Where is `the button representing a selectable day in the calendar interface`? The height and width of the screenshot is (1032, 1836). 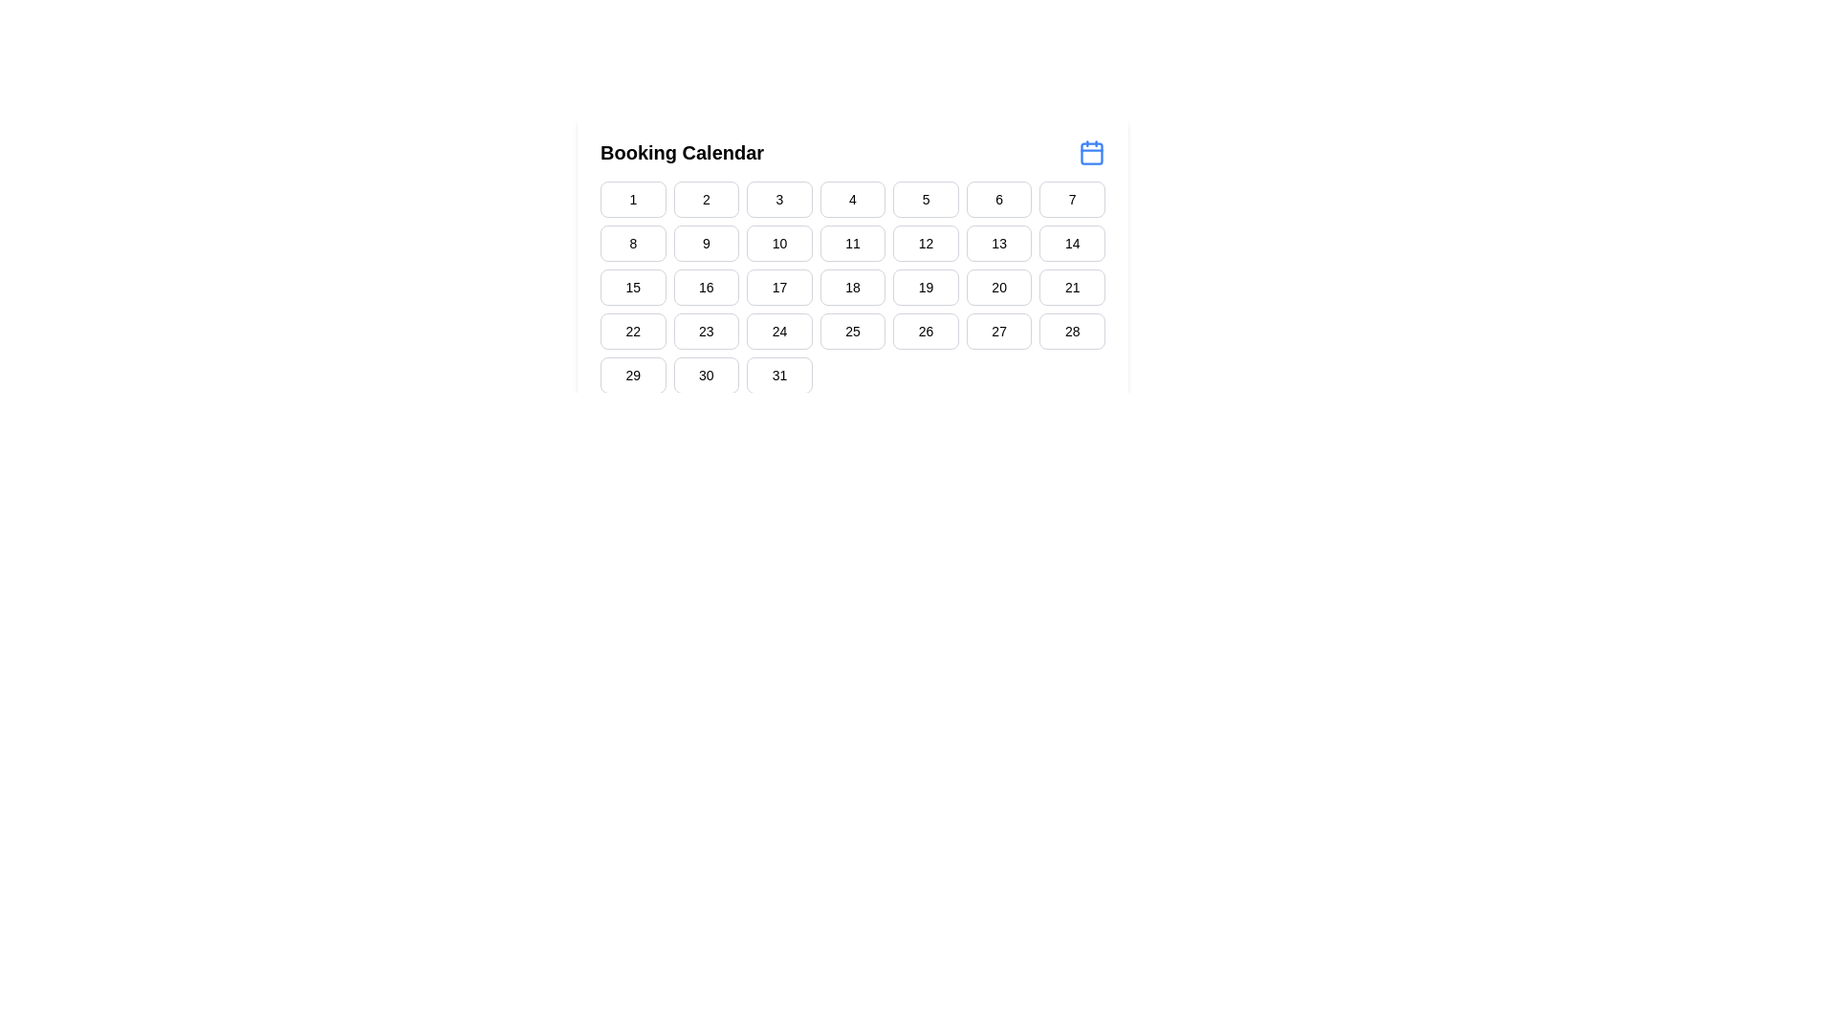 the button representing a selectable day in the calendar interface is located at coordinates (705, 287).